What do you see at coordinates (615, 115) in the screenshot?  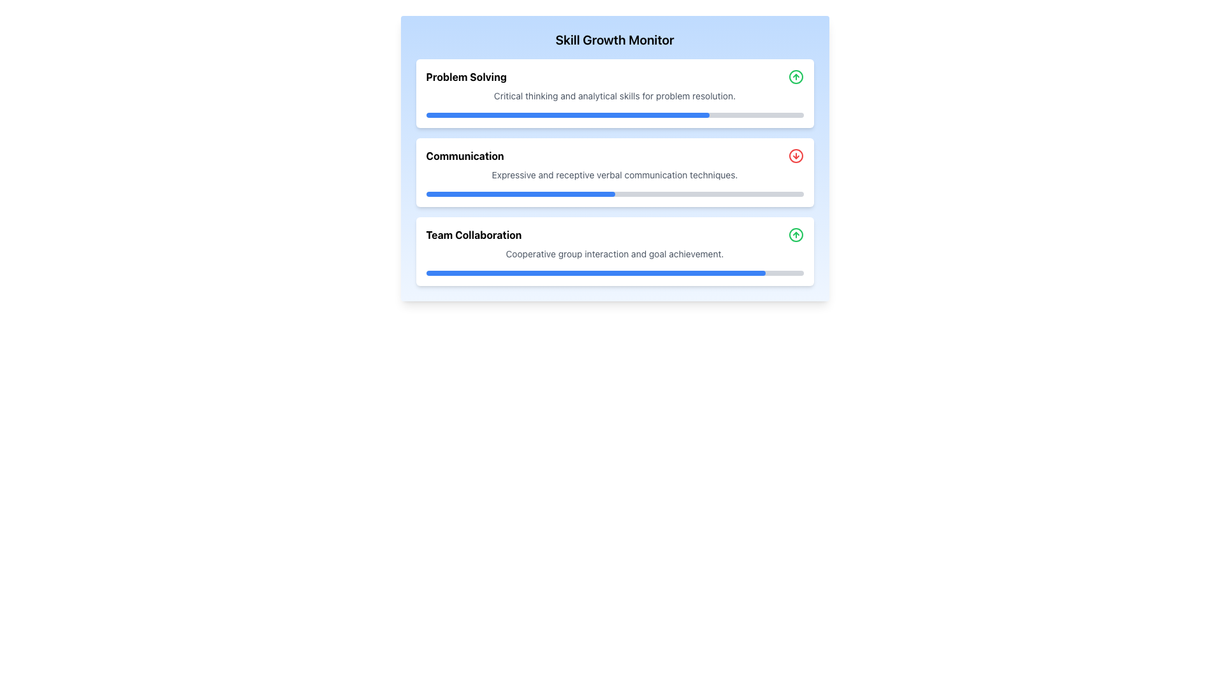 I see `the progress visually on the progress bar representing the 'Problem Solving' skill, located under the 'Critical thinking and analytical skills for problem resolution.' text` at bounding box center [615, 115].